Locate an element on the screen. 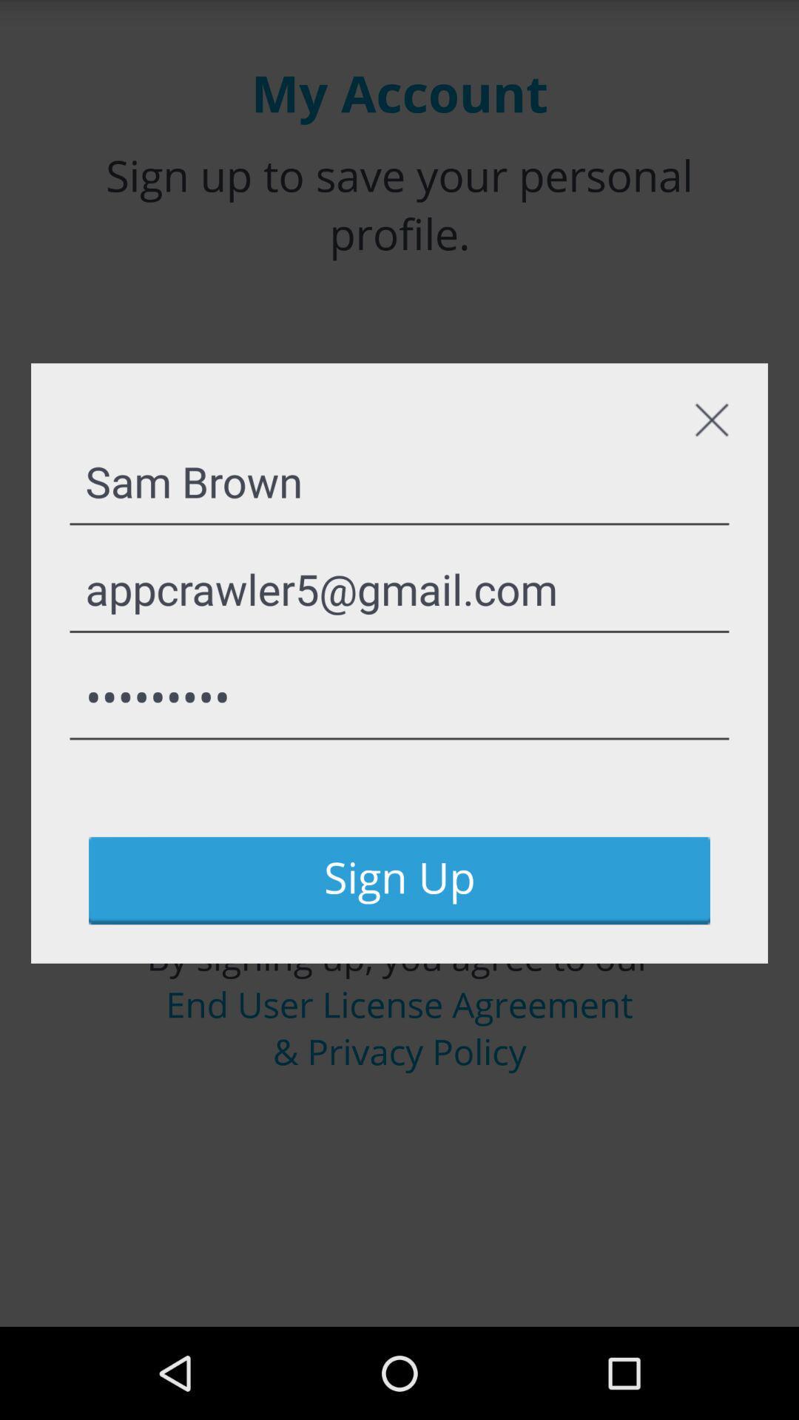 The height and width of the screenshot is (1420, 799). the close icon is located at coordinates (710, 448).